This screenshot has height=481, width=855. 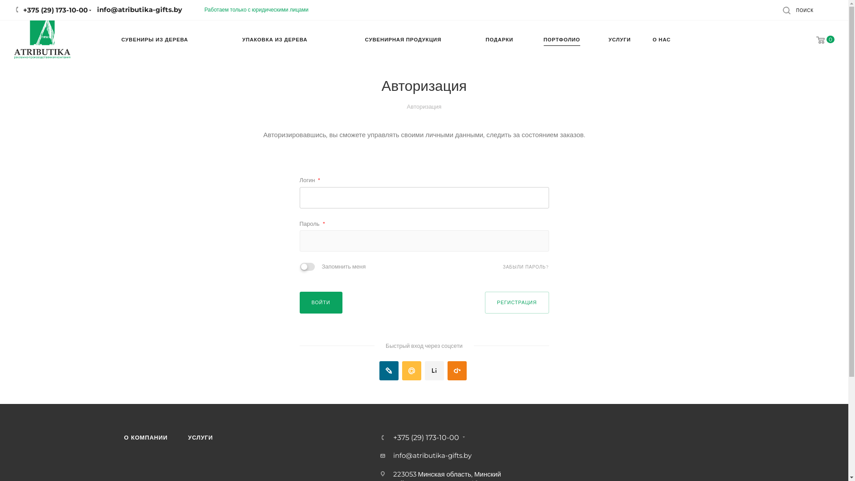 I want to click on '0', so click(x=819, y=40).